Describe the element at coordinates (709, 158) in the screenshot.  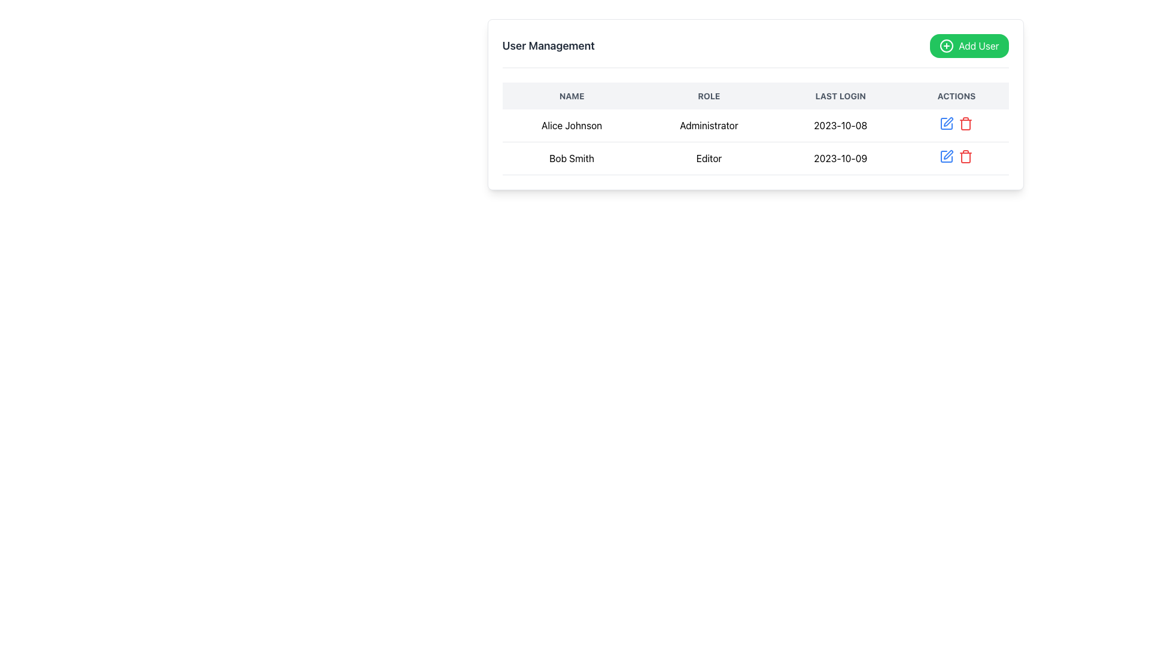
I see `the text label displaying 'Editor' located in the second row under the 'Role' column of the table` at that location.